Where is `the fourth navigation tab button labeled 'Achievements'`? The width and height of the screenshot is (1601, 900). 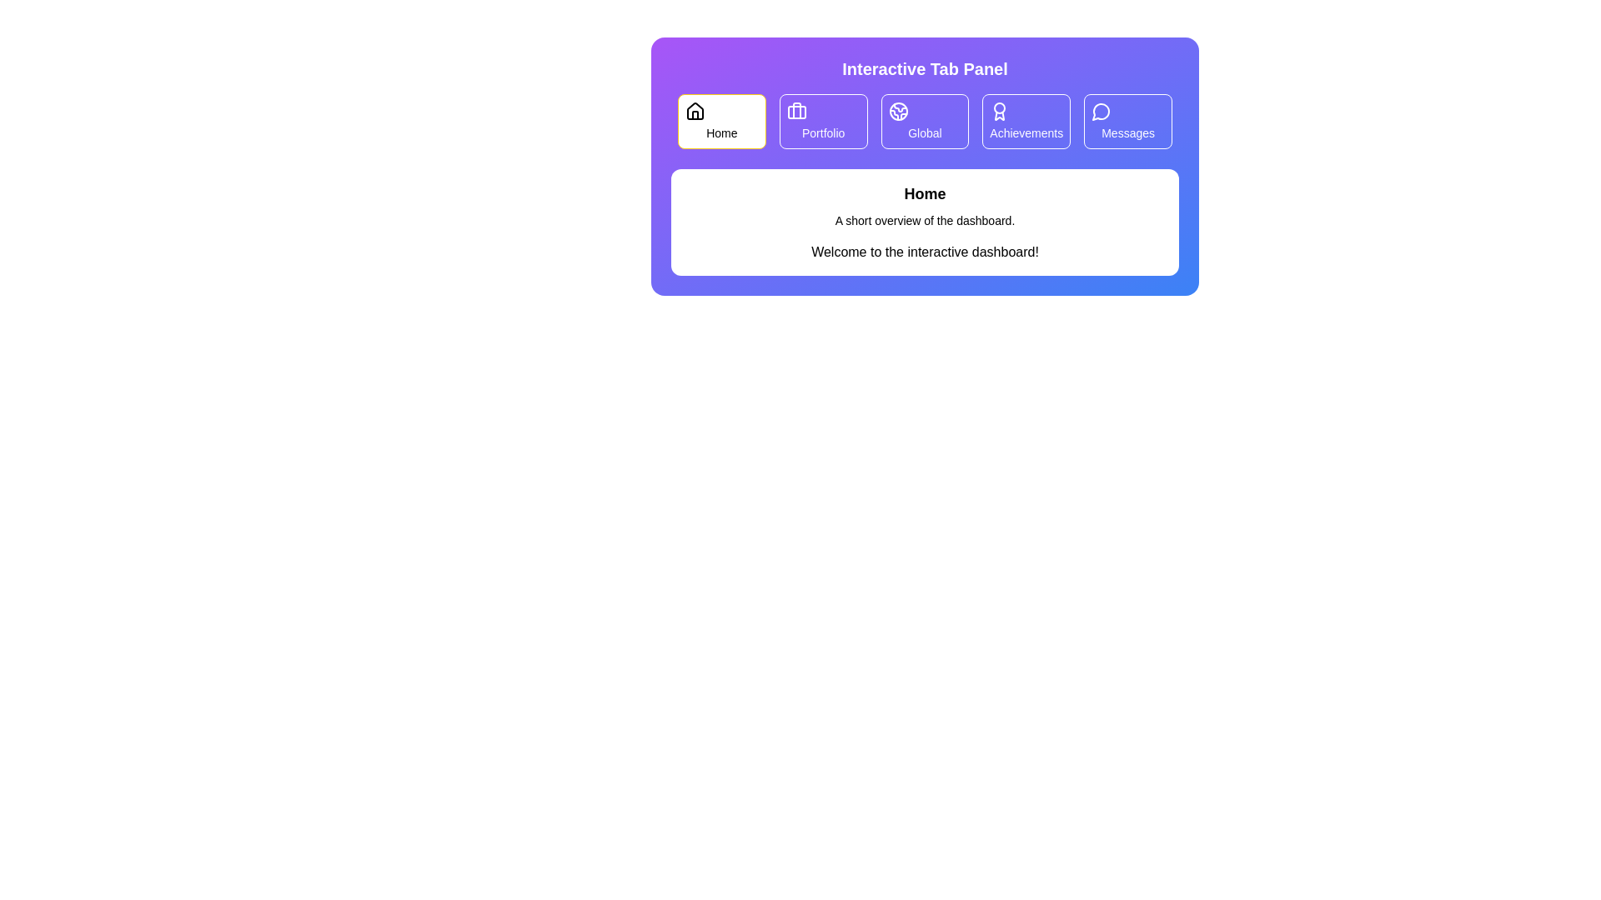
the fourth navigation tab button labeled 'Achievements' is located at coordinates (1026, 121).